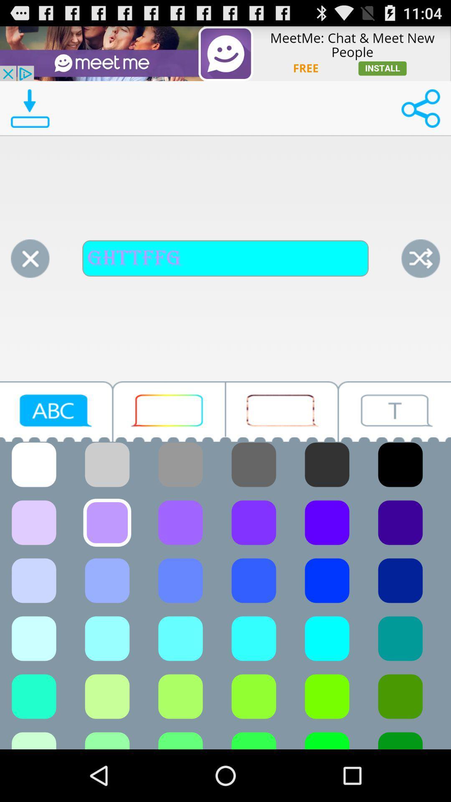 The height and width of the screenshot is (802, 451). I want to click on the option, so click(30, 258).